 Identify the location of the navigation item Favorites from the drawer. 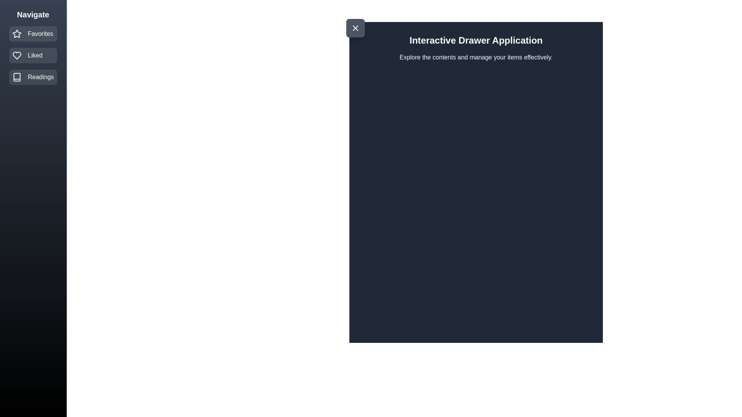
(32, 34).